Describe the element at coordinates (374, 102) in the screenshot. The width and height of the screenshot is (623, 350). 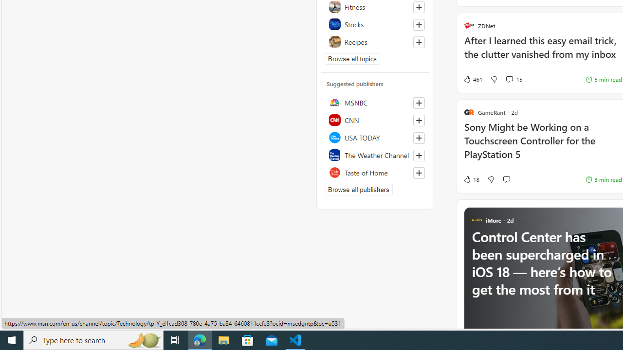
I see `'MSNBC'` at that location.